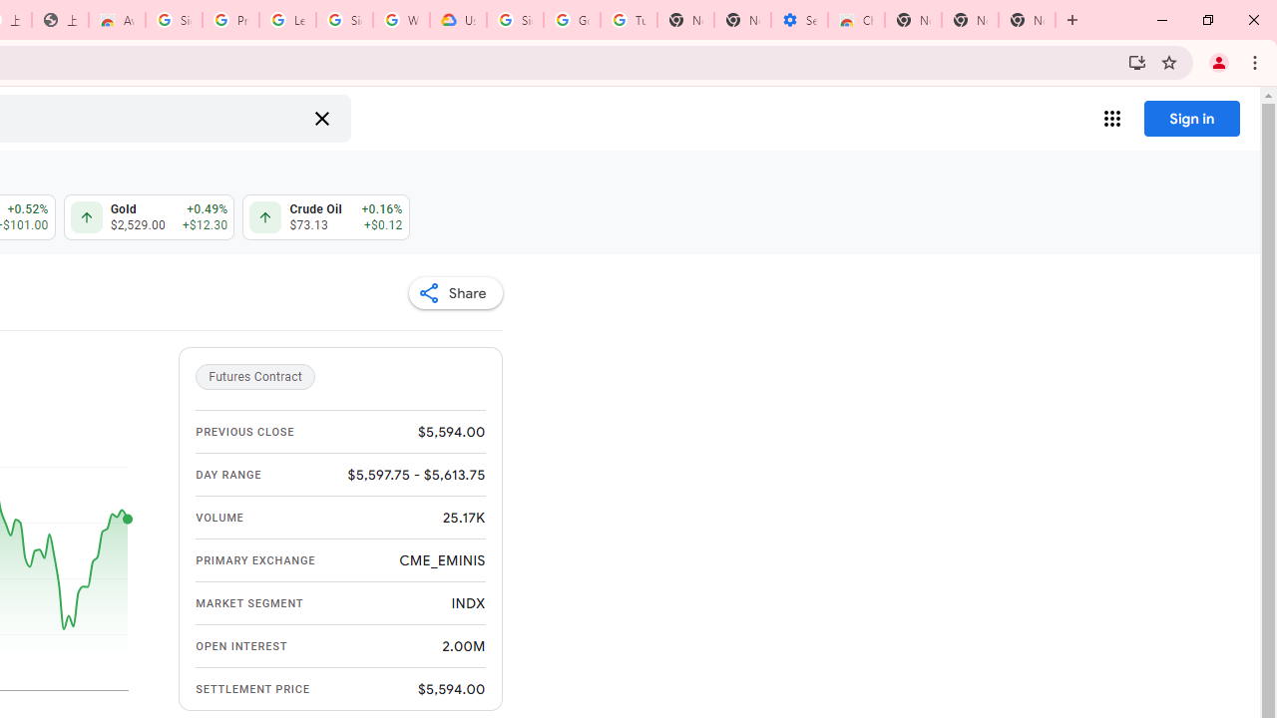 The width and height of the screenshot is (1277, 718). Describe the element at coordinates (344, 20) in the screenshot. I see `'Sign in - Google Accounts'` at that location.